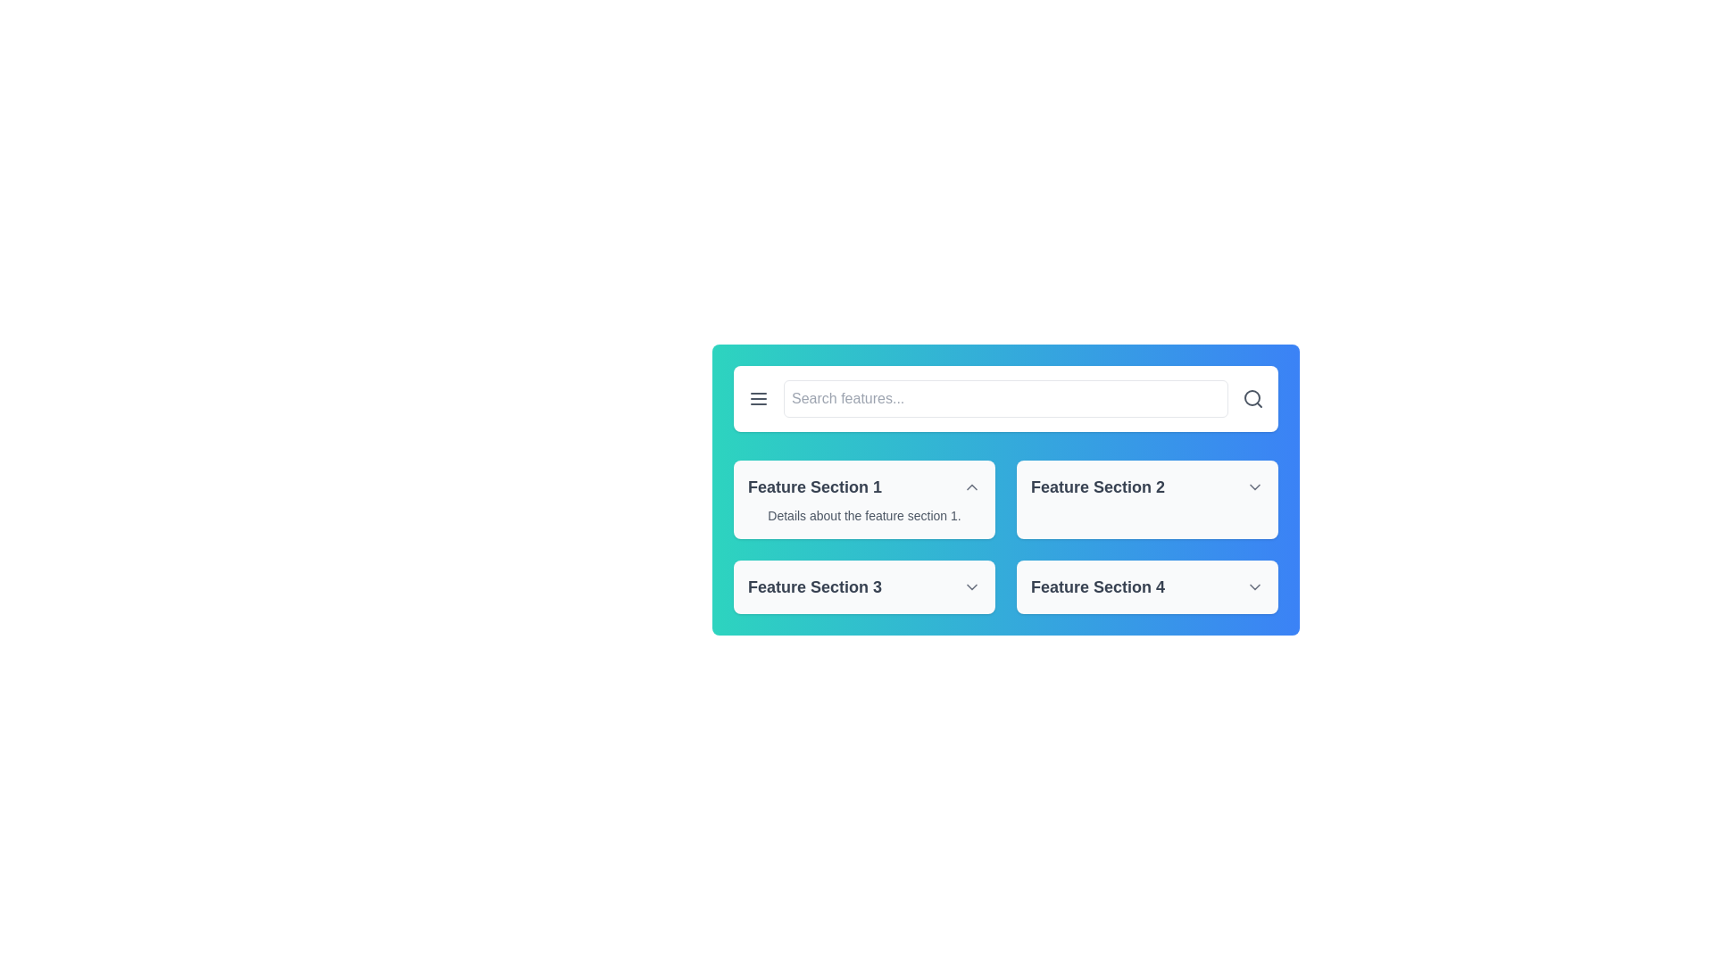 Image resolution: width=1714 pixels, height=964 pixels. Describe the element at coordinates (864, 516) in the screenshot. I see `the text block displaying 'Details about the feature section 1.' which is located below the title 'Feature Section 1' in the card layout` at that location.